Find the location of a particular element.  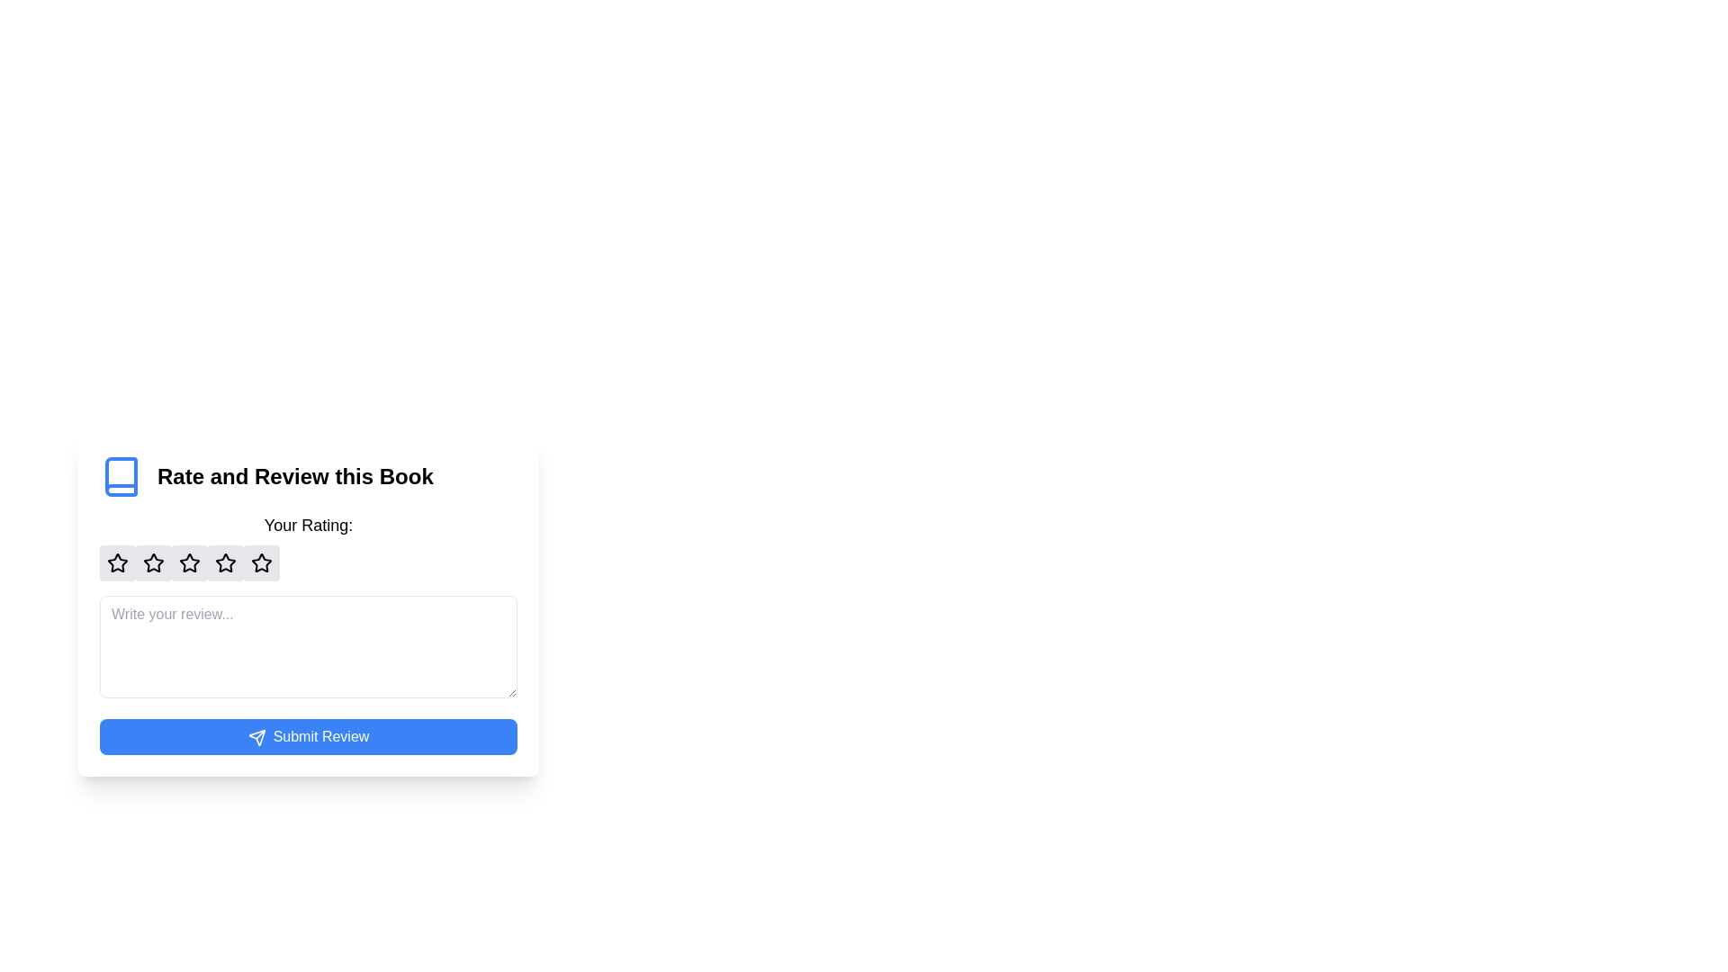

the triangular-shaped 'Send' icon that resembles an arrow or paper airplane, which is part of the 'Submit Review' button, located on the left side of the label text is located at coordinates (256, 737).